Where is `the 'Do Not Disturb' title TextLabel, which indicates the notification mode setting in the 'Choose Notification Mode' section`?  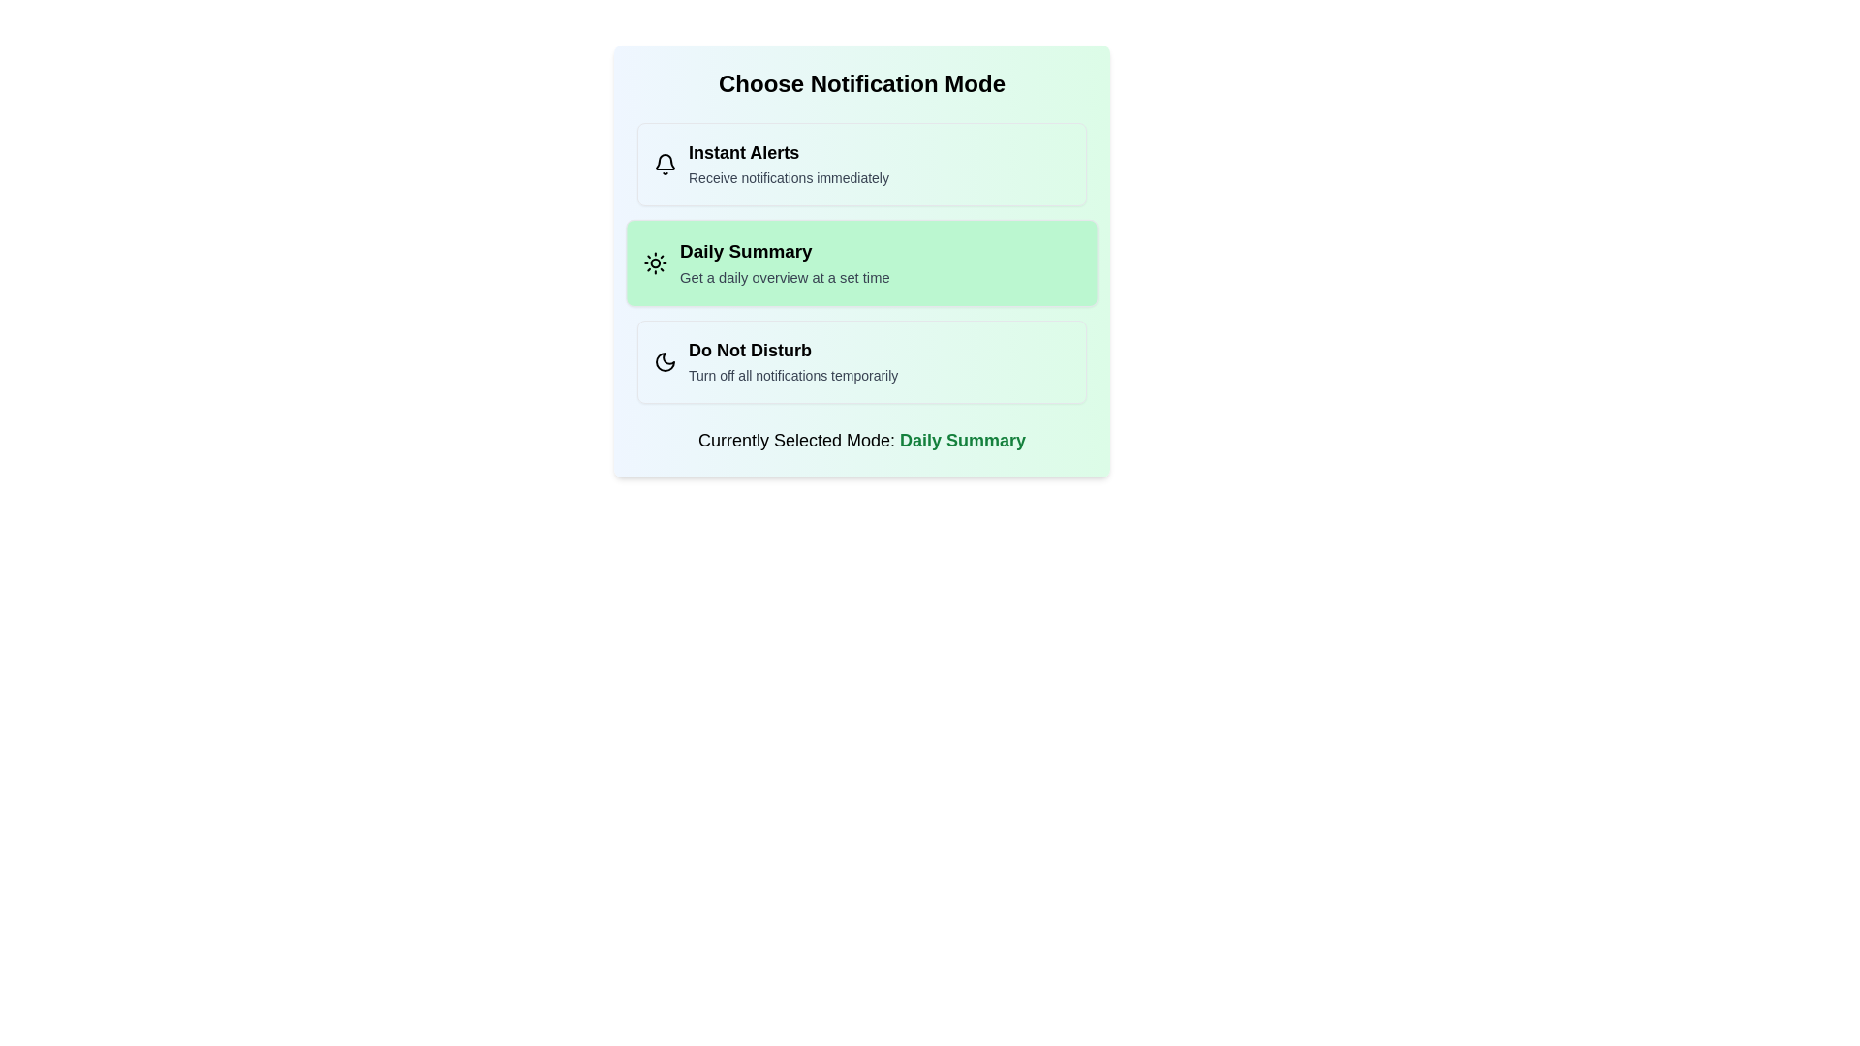
the 'Do Not Disturb' title TextLabel, which indicates the notification mode setting in the 'Choose Notification Mode' section is located at coordinates (793, 351).